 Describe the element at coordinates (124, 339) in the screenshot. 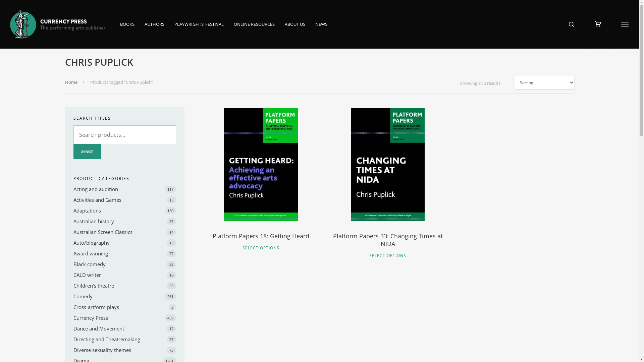

I see `'Directing and Theatremaking'` at that location.